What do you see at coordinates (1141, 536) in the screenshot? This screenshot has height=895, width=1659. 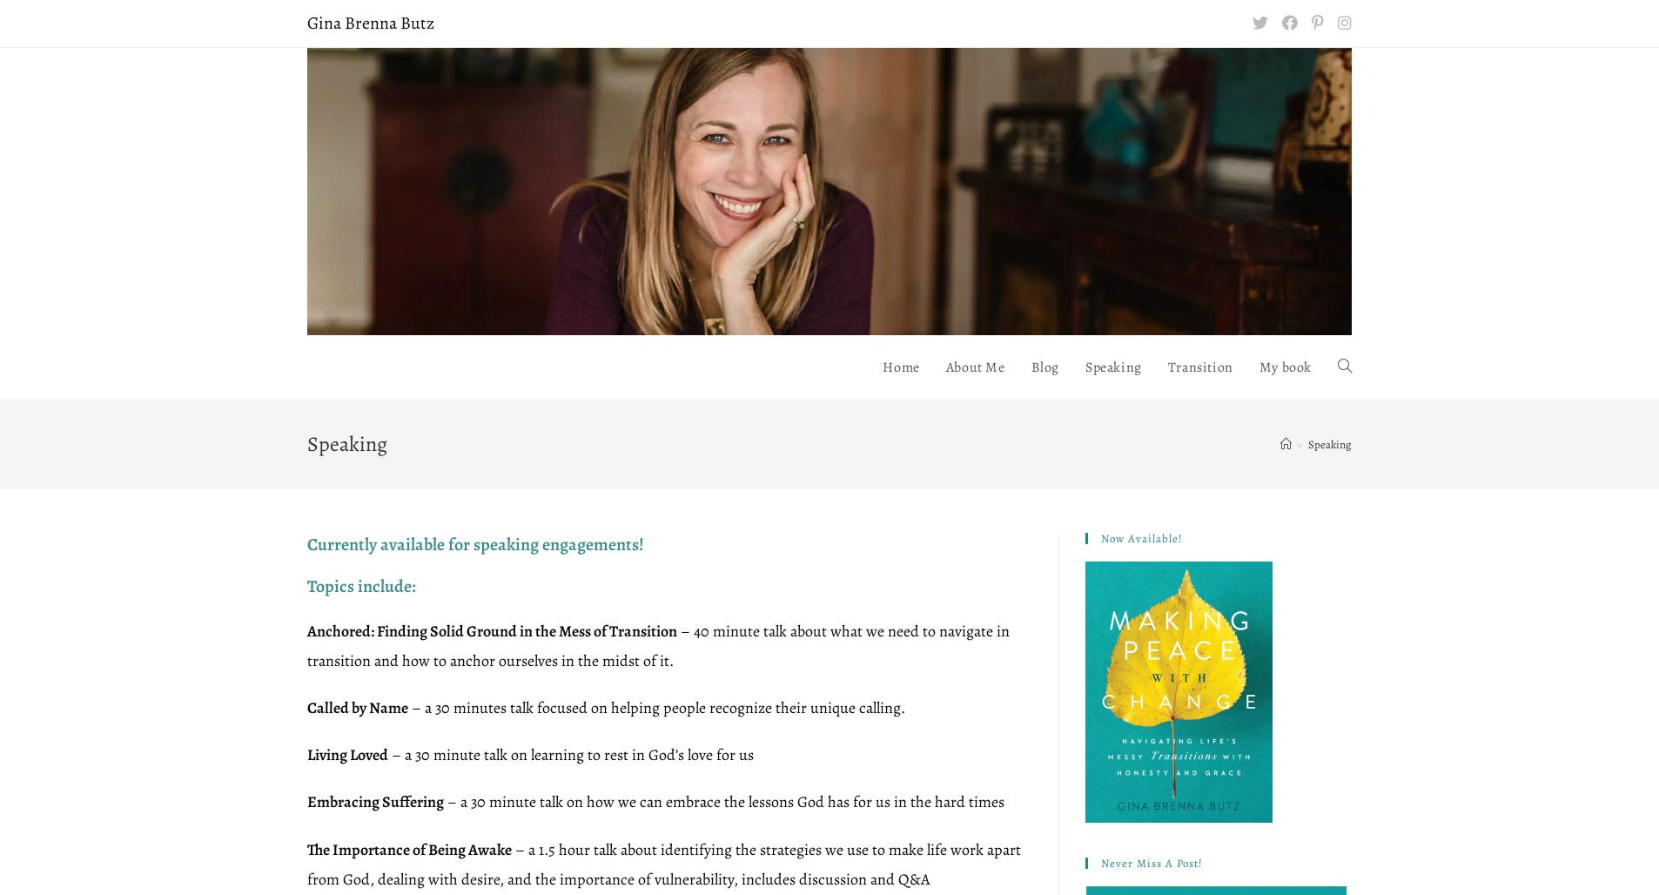 I see `'Now available!'` at bounding box center [1141, 536].